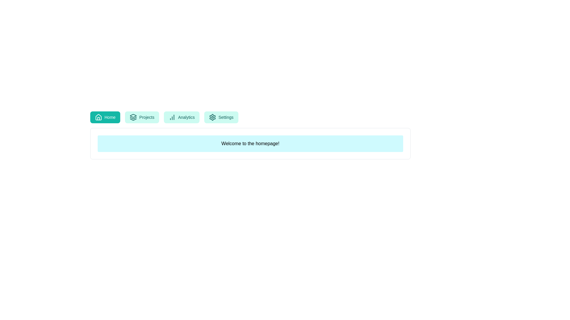  I want to click on the button labeled Home to explore its hover effect, so click(105, 117).